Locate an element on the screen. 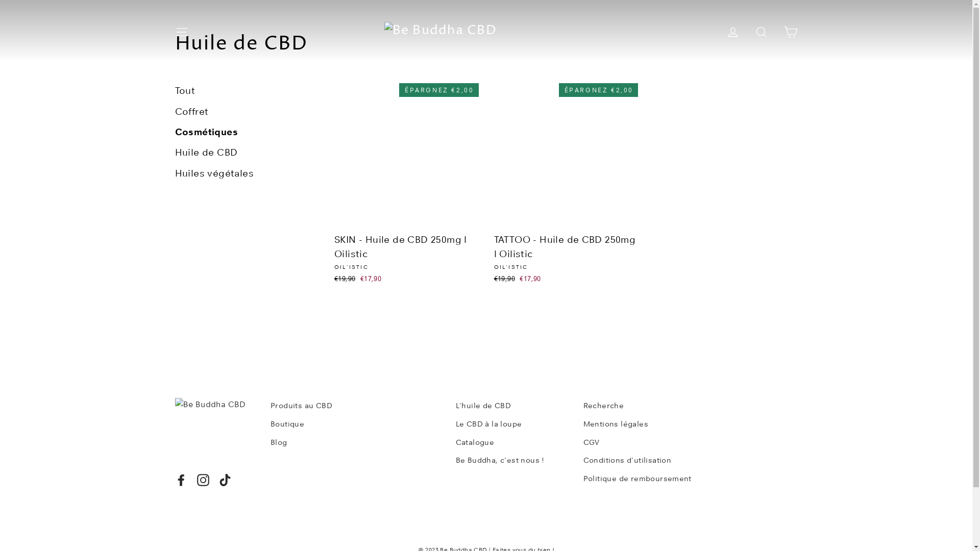 The image size is (980, 551). 'Huile de CBD' is located at coordinates (174, 153).